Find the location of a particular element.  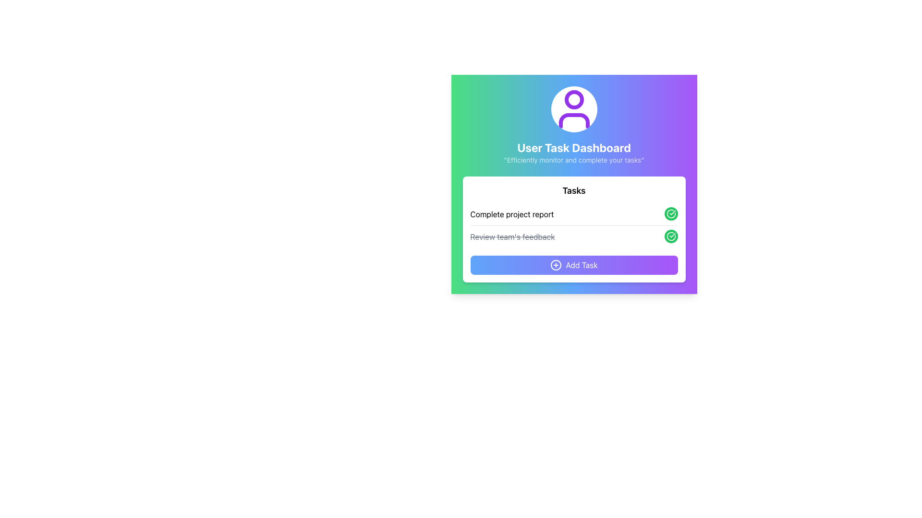

the task completion button located to the right of 'Complete project report' is located at coordinates (670, 213).